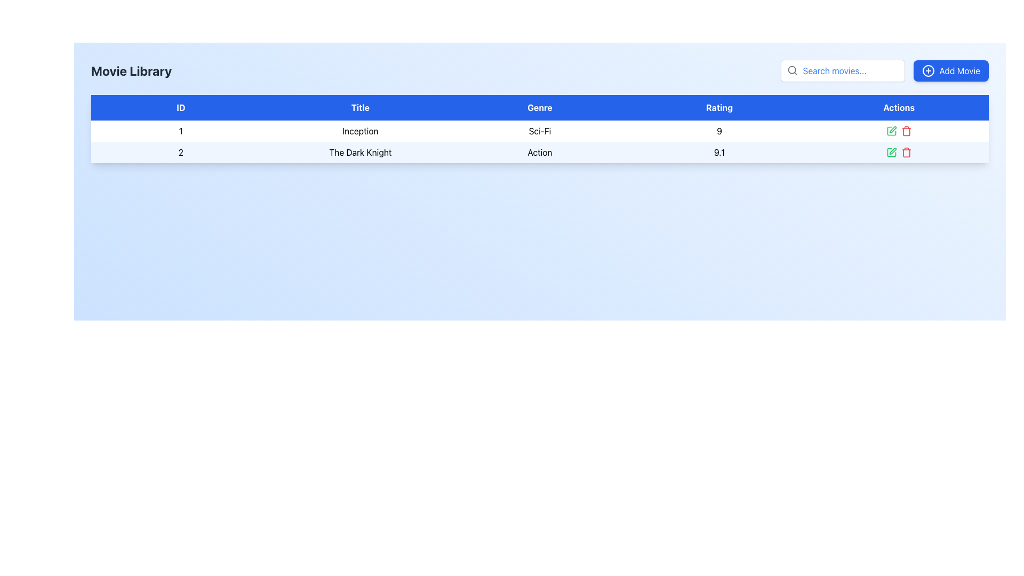 The image size is (1024, 576). I want to click on the Table Header Row, which features a blue background with white centered text displaying column titles: 'ID', 'Title', 'Genre', 'Rating', and 'Actions', so click(540, 107).